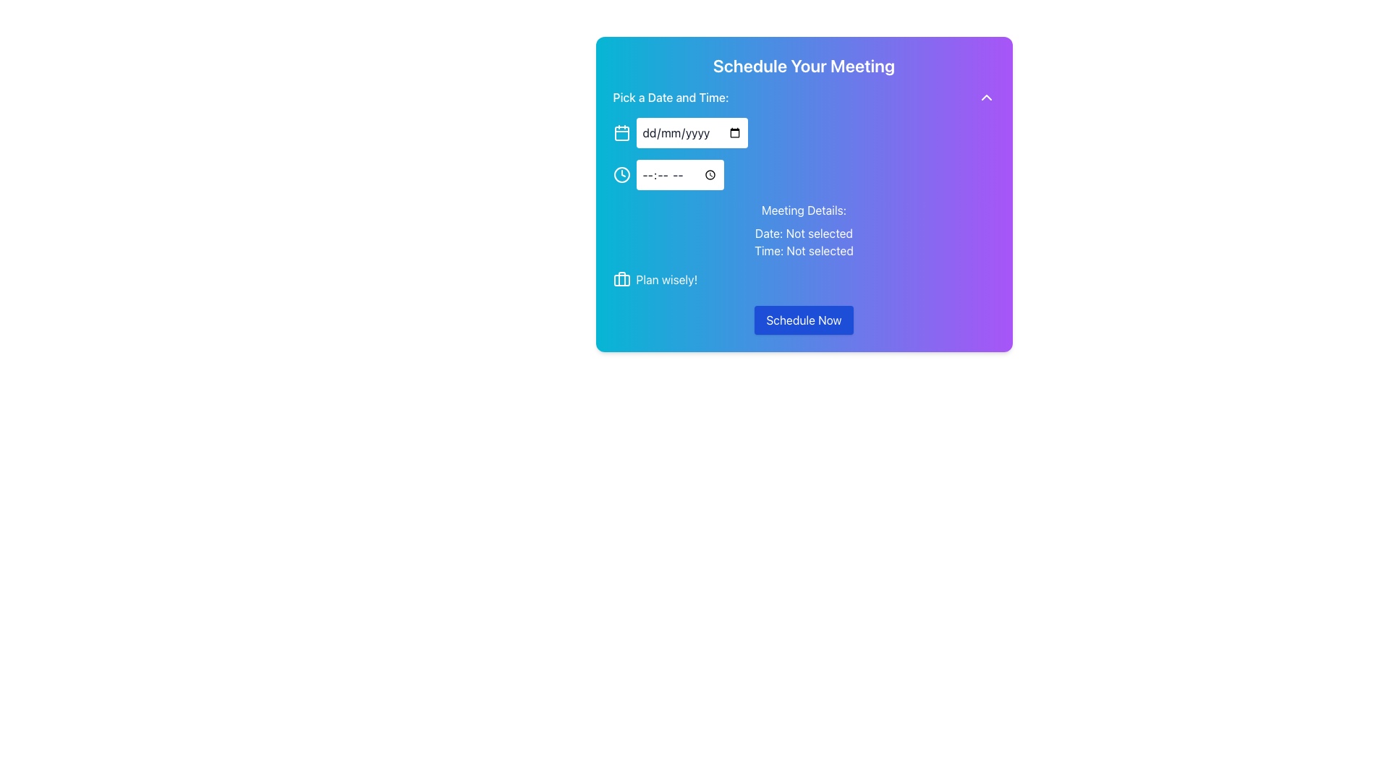  Describe the element at coordinates (985, 98) in the screenshot. I see `the upward-facing chevron button with a white stroke on a purple background` at that location.